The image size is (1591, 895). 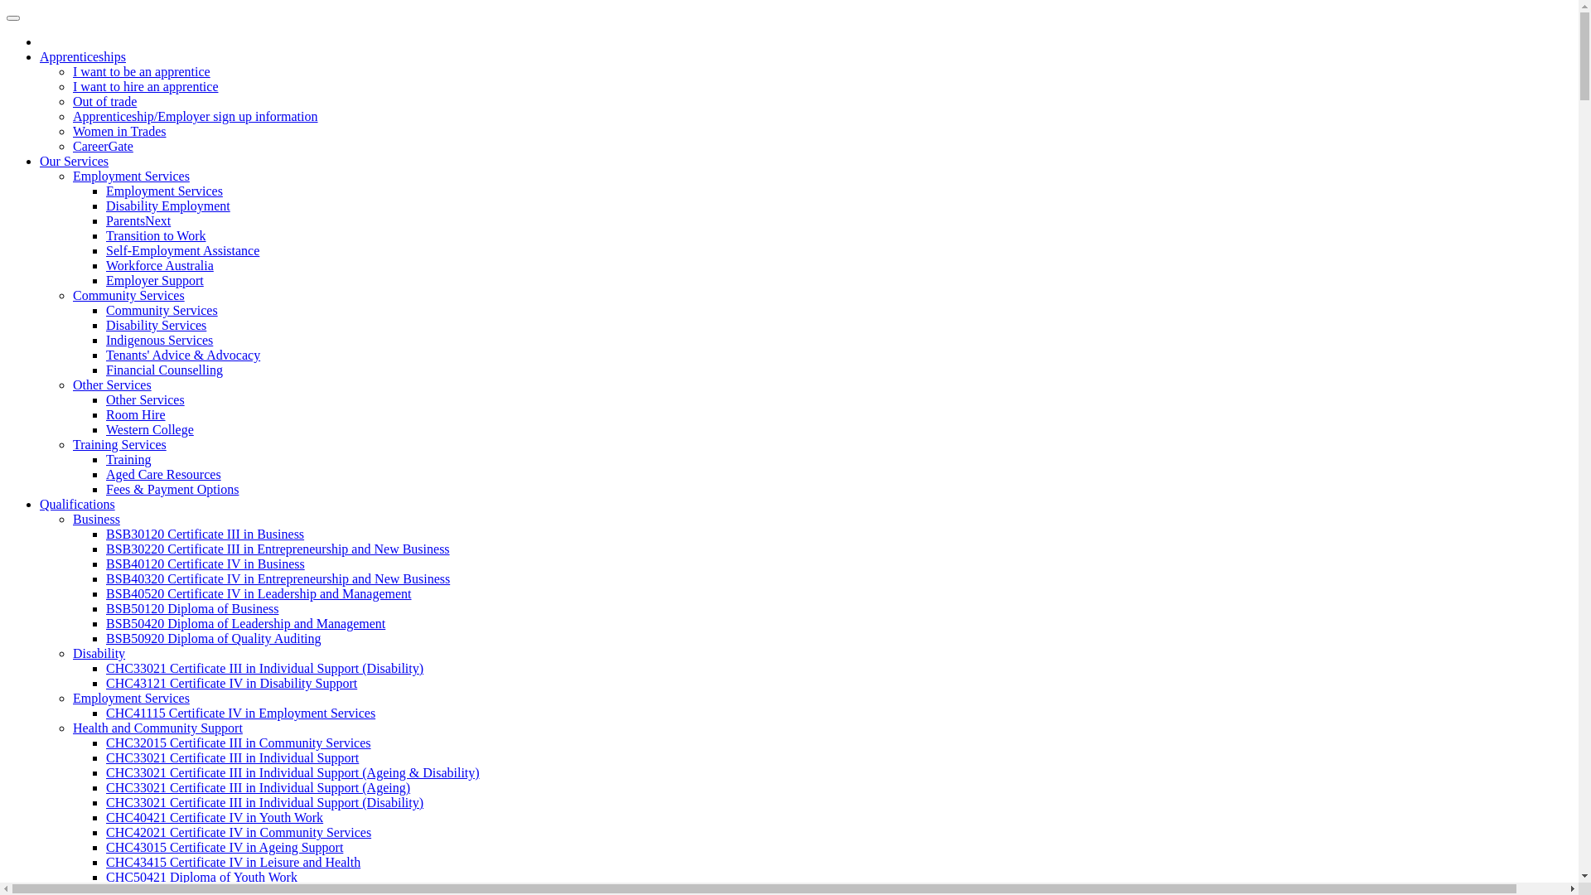 What do you see at coordinates (239, 712) in the screenshot?
I see `'CHC41115 Certificate IV in Employment Services'` at bounding box center [239, 712].